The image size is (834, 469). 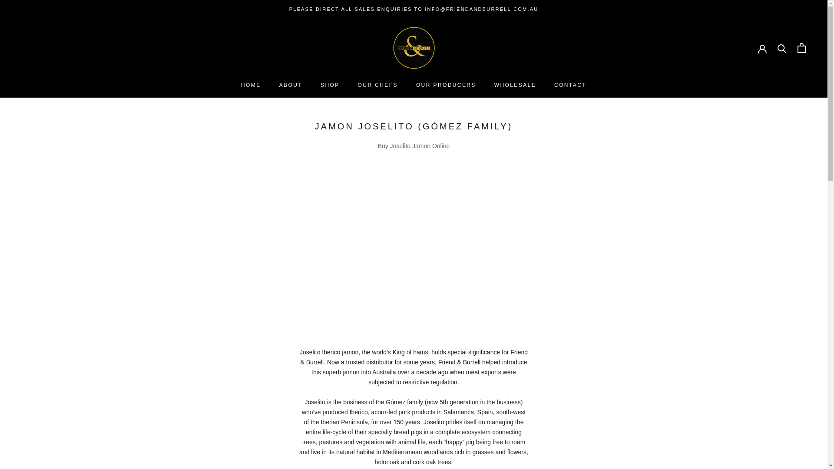 What do you see at coordinates (446, 85) in the screenshot?
I see `'OUR PRODUCERS` at bounding box center [446, 85].